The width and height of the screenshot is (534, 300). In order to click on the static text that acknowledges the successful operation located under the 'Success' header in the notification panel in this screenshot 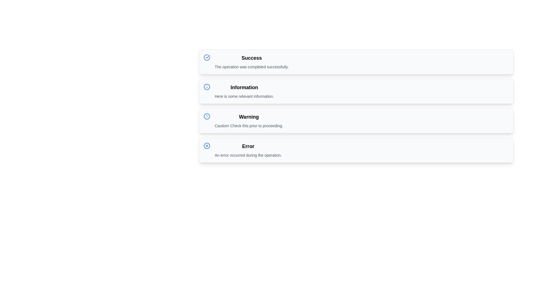, I will do `click(251, 66)`.